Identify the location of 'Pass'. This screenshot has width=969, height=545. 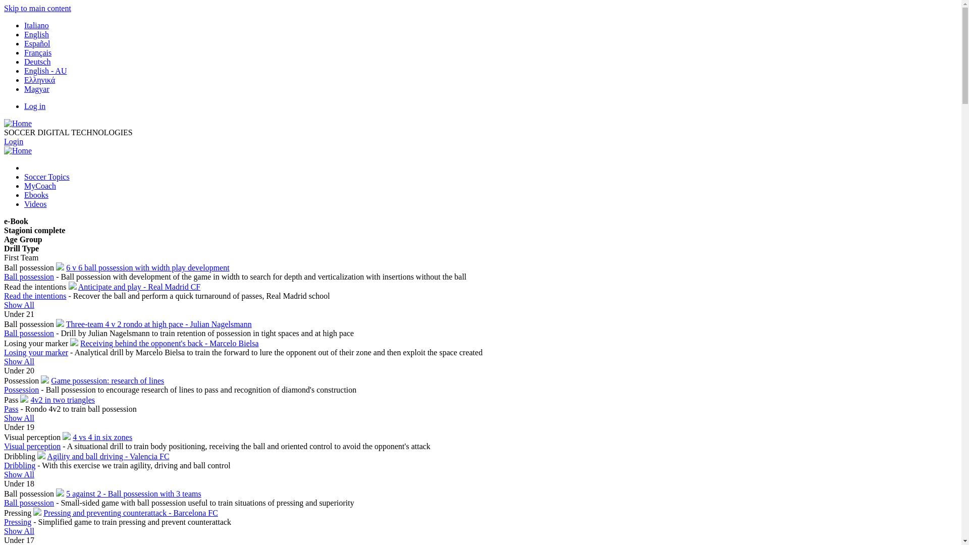
(11, 409).